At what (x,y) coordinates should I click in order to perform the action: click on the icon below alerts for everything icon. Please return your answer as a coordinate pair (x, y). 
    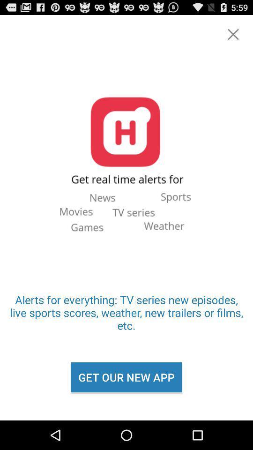
    Looking at the image, I should click on (126, 377).